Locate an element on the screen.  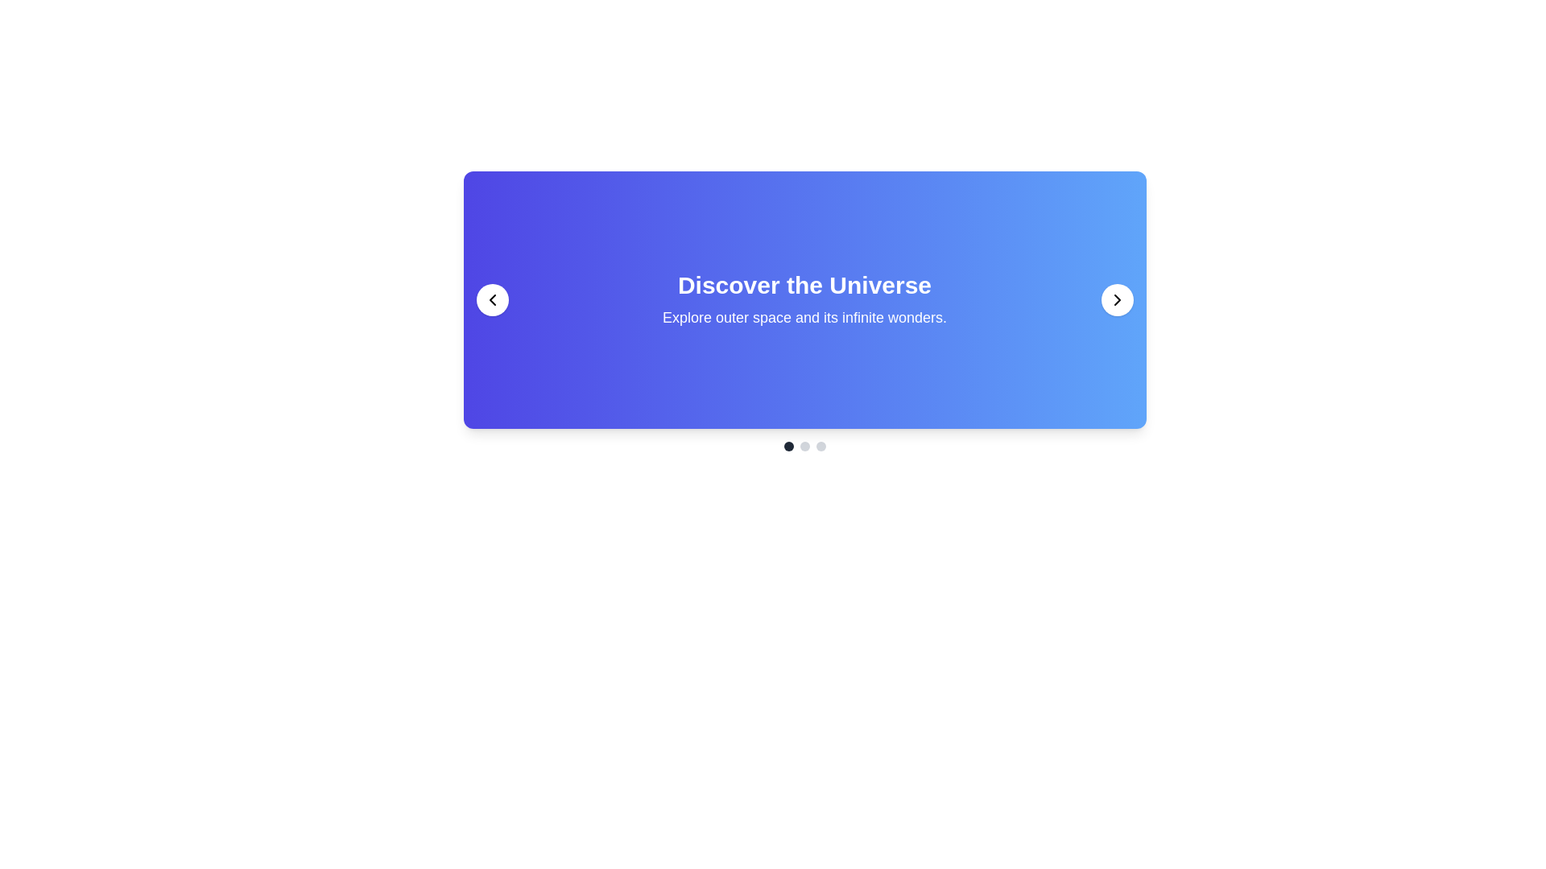
the right-facing chevron icon located within a circular button on the right-hand side of the blue card labeled 'Discover the Universe' is located at coordinates (1116, 300).